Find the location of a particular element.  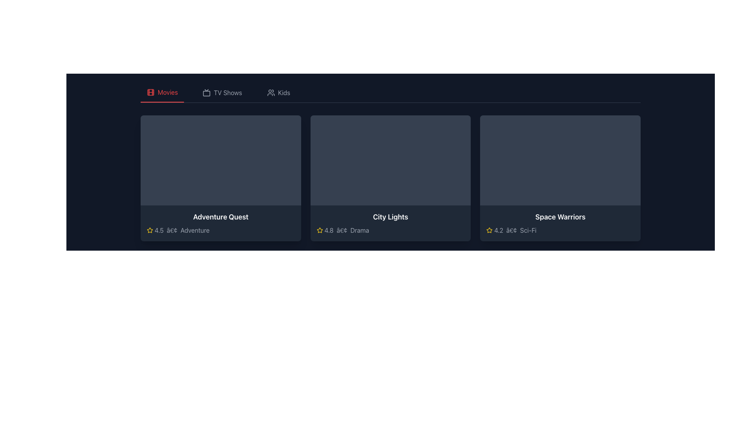

the representation of the star icon located in the bottom-left area of the first movie card, preceding the text '4.5' is located at coordinates (320, 230).